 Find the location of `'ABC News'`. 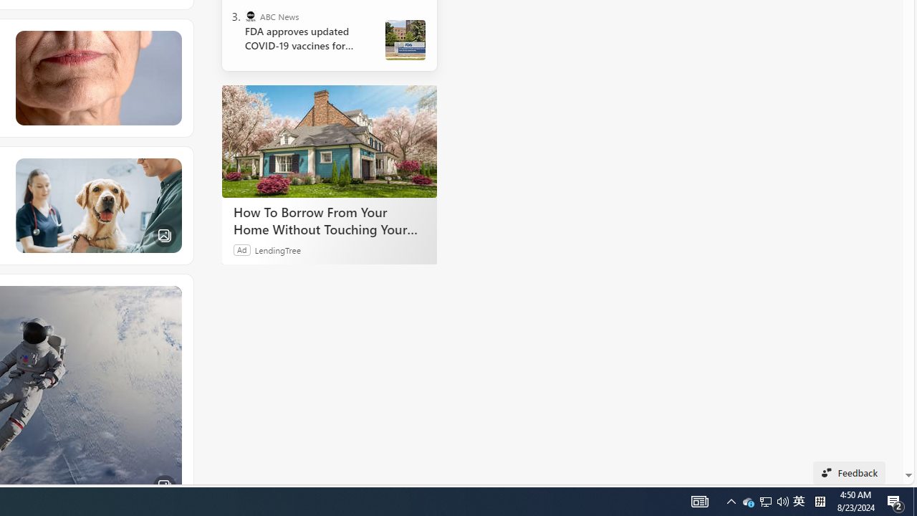

'ABC News' is located at coordinates (251, 16).